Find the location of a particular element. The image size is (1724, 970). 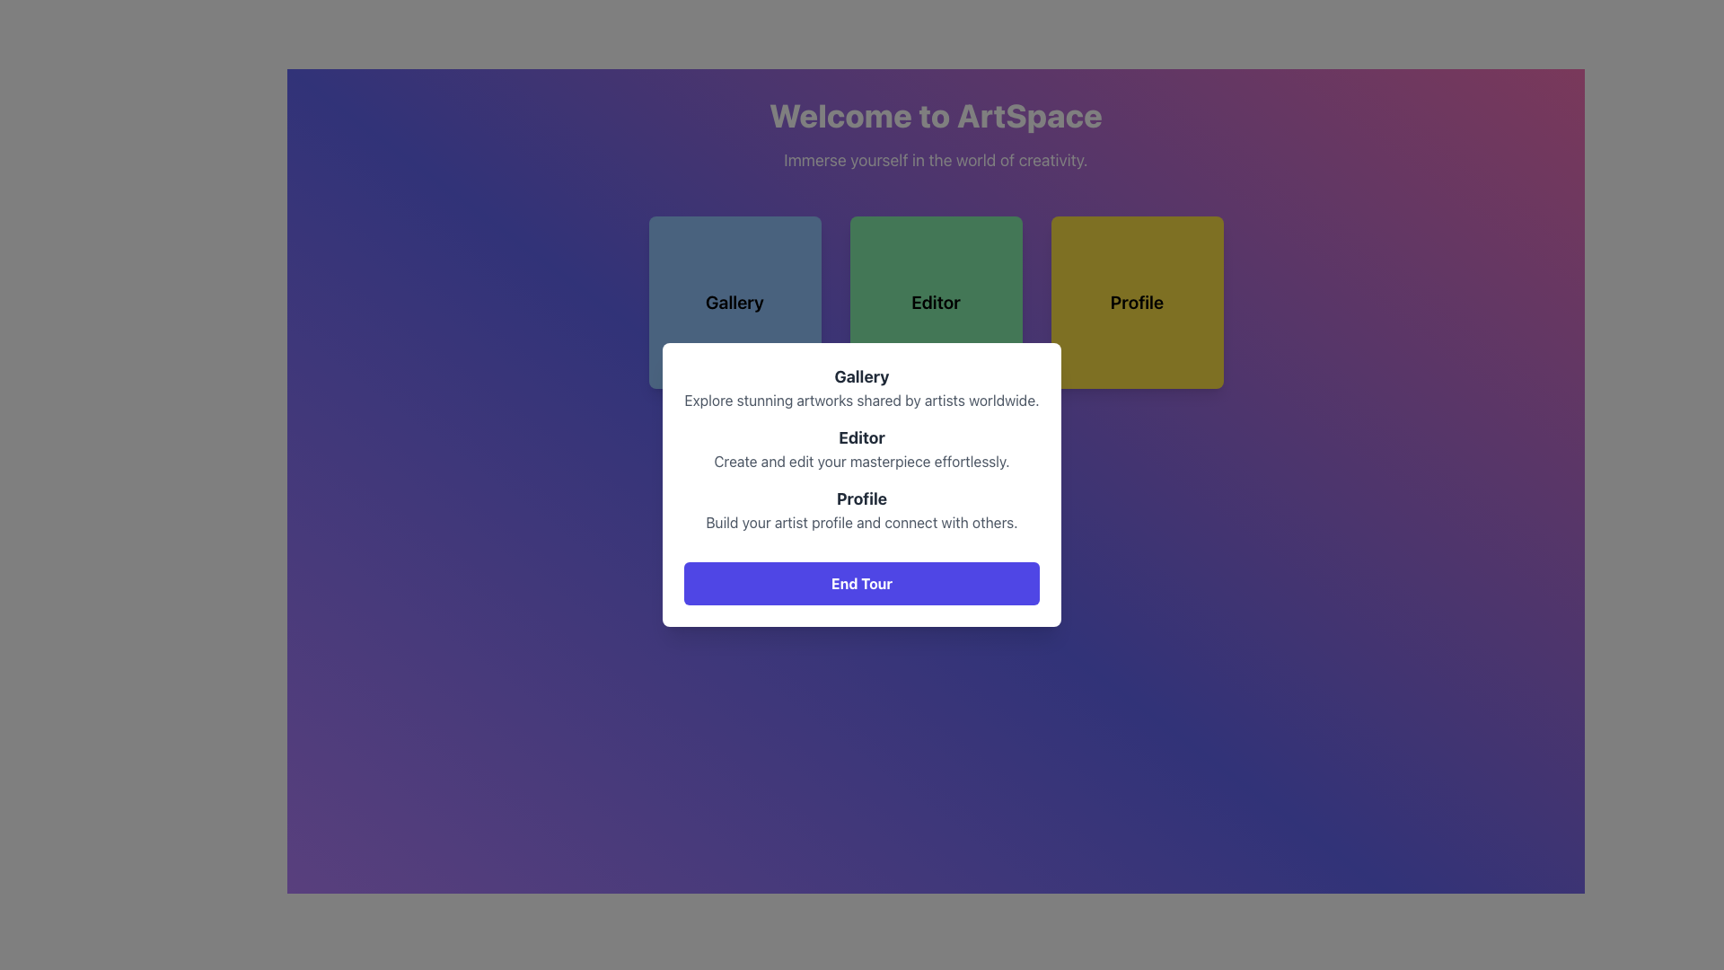

the text block with the bold header 'Profile' and the descriptive paragraph 'Build your artist profile and connect with others.' is located at coordinates (862, 509).